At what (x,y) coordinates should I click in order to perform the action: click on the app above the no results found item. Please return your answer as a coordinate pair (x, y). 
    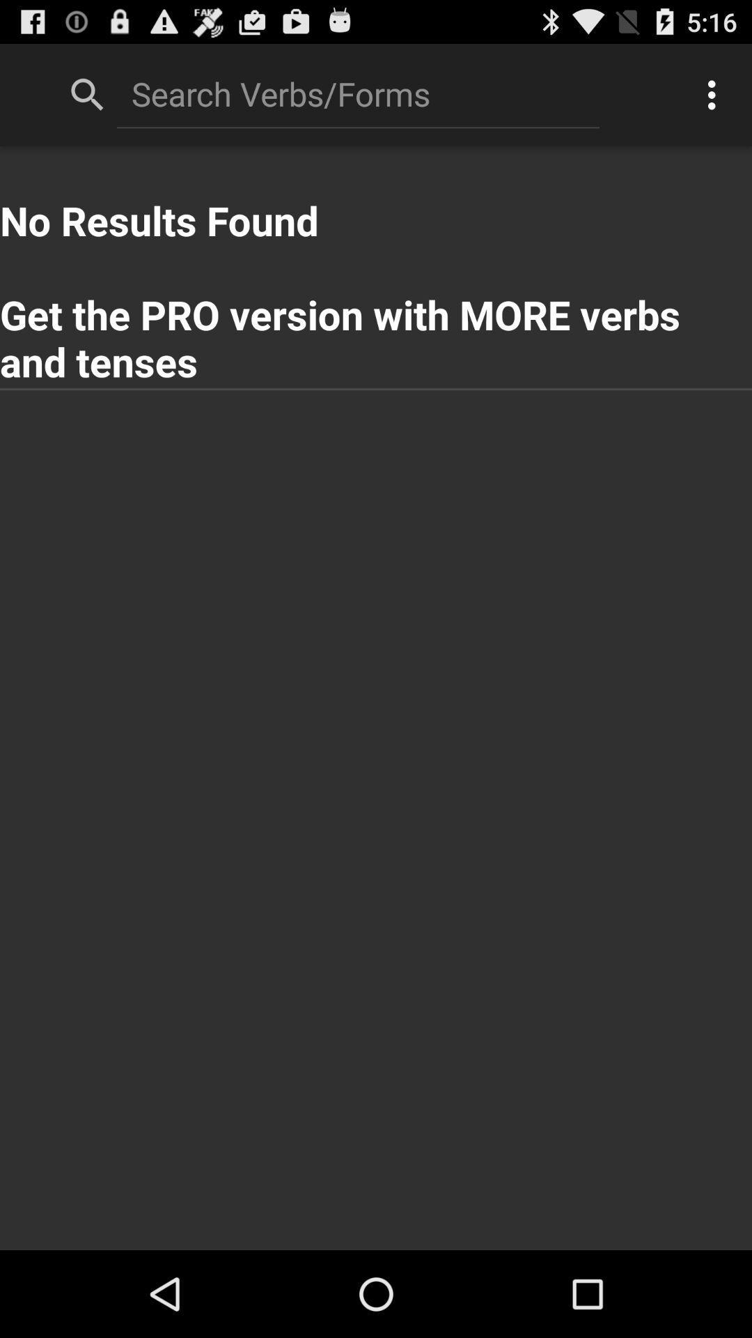
    Looking at the image, I should click on (357, 93).